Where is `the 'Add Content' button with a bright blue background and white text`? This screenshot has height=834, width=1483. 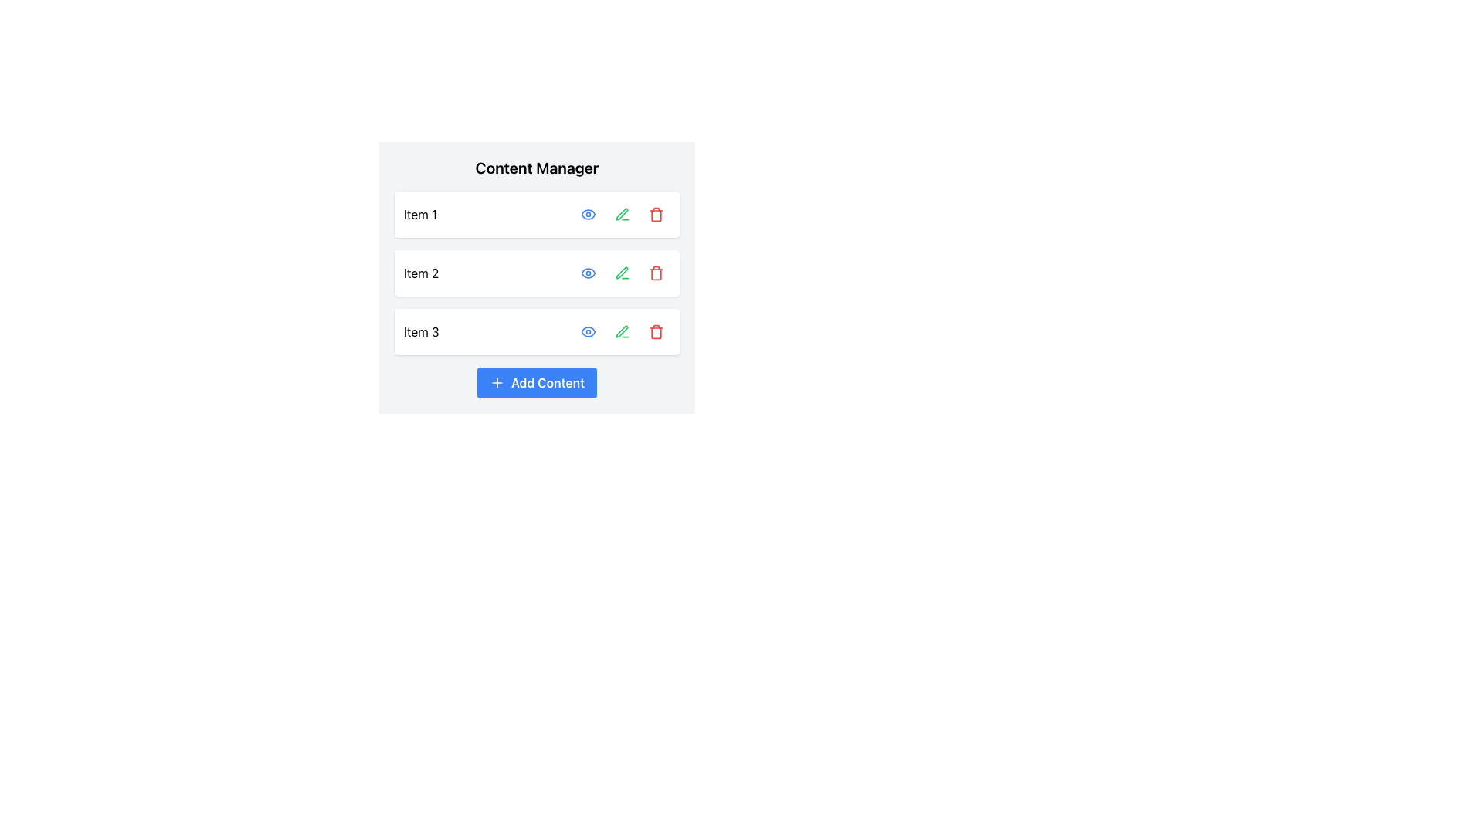 the 'Add Content' button with a bright blue background and white text is located at coordinates (537, 382).